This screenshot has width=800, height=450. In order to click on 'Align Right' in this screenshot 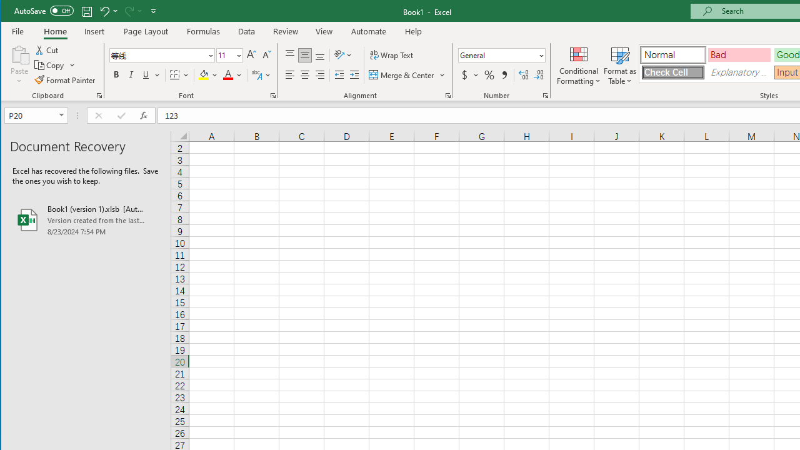, I will do `click(320, 75)`.